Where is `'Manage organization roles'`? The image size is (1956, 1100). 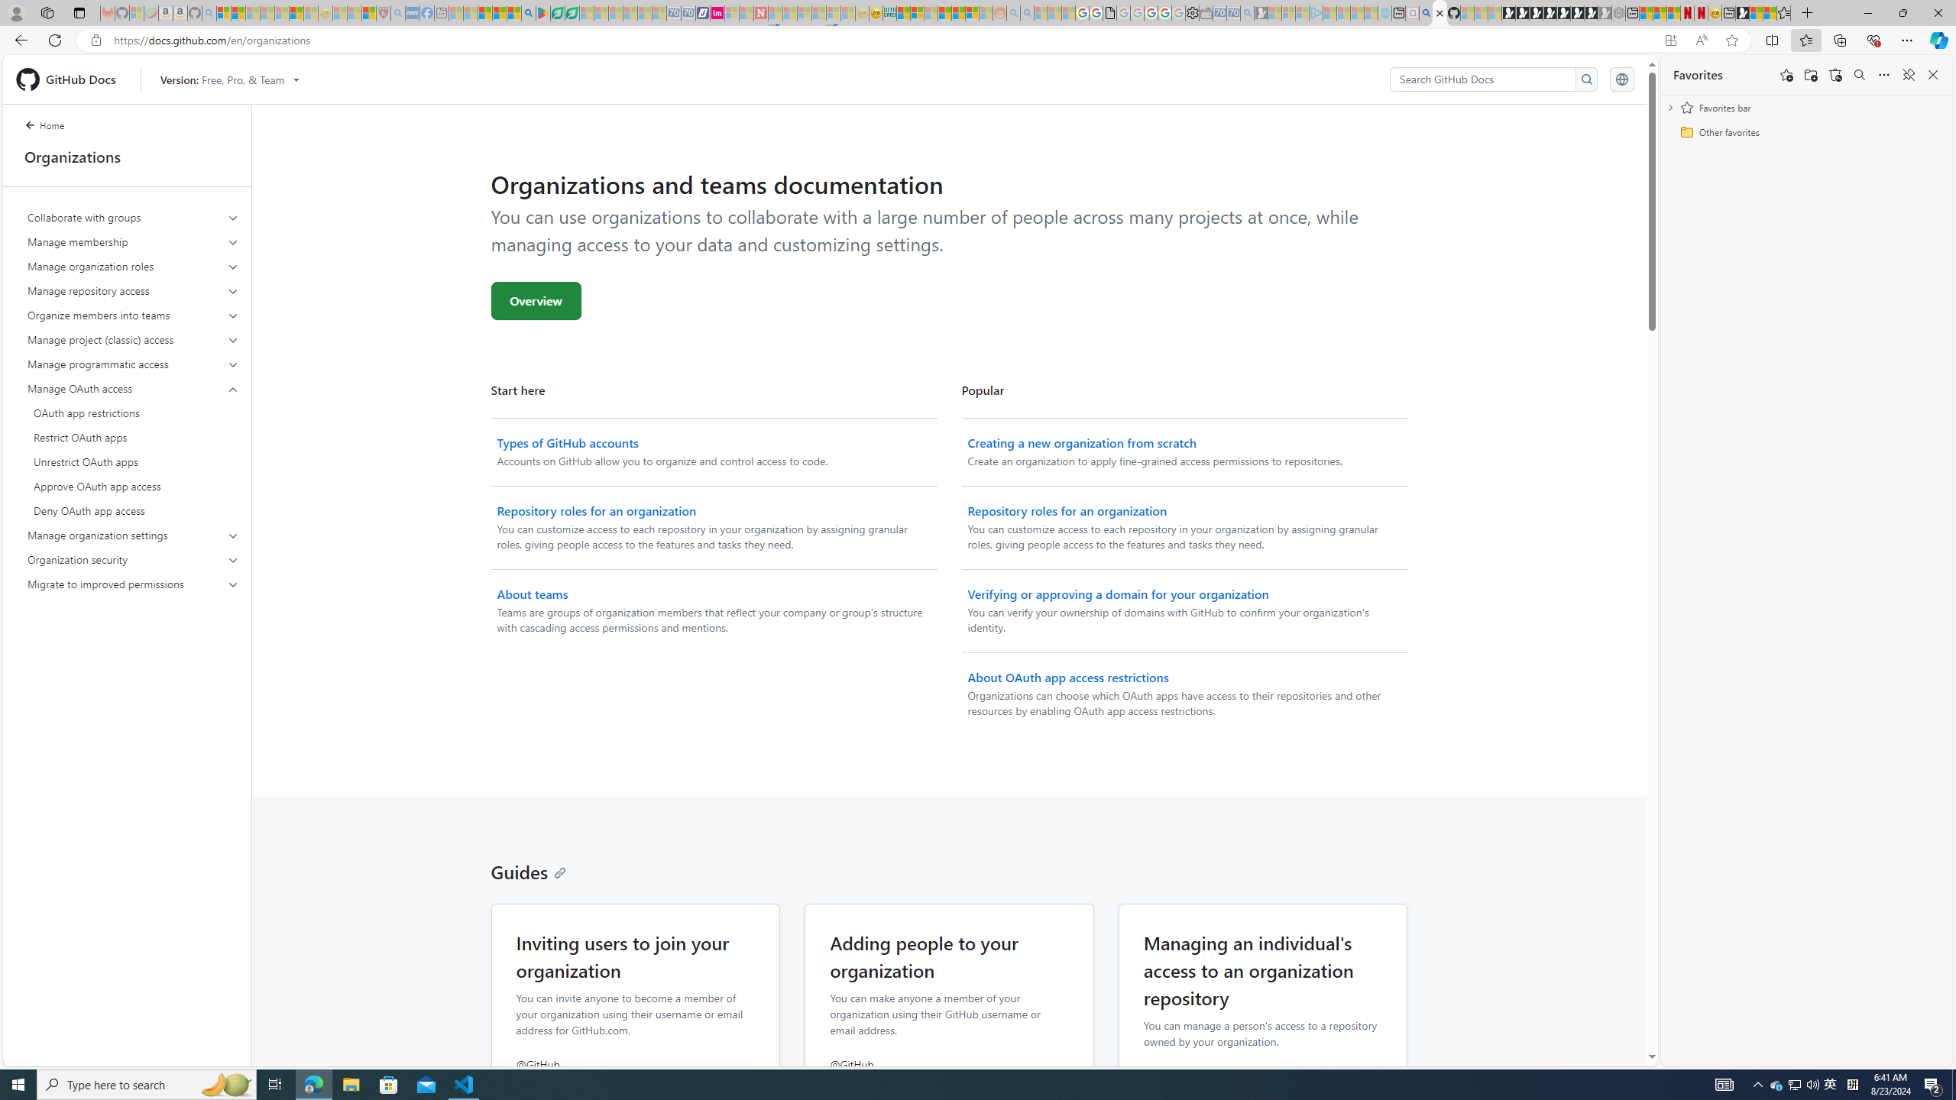
'Manage organization roles' is located at coordinates (134, 266).